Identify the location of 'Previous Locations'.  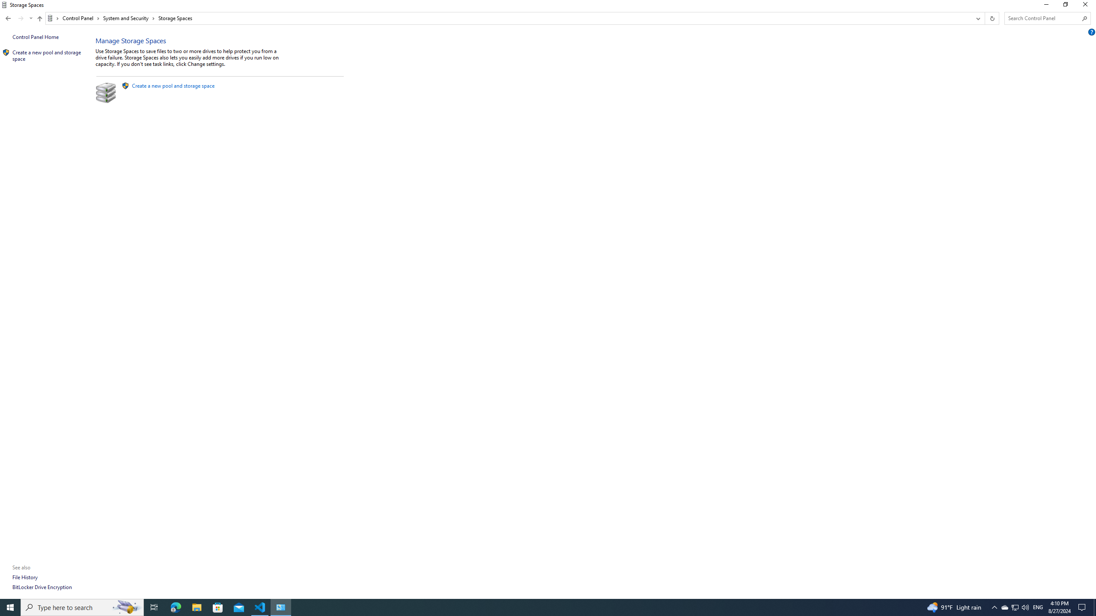
(977, 18).